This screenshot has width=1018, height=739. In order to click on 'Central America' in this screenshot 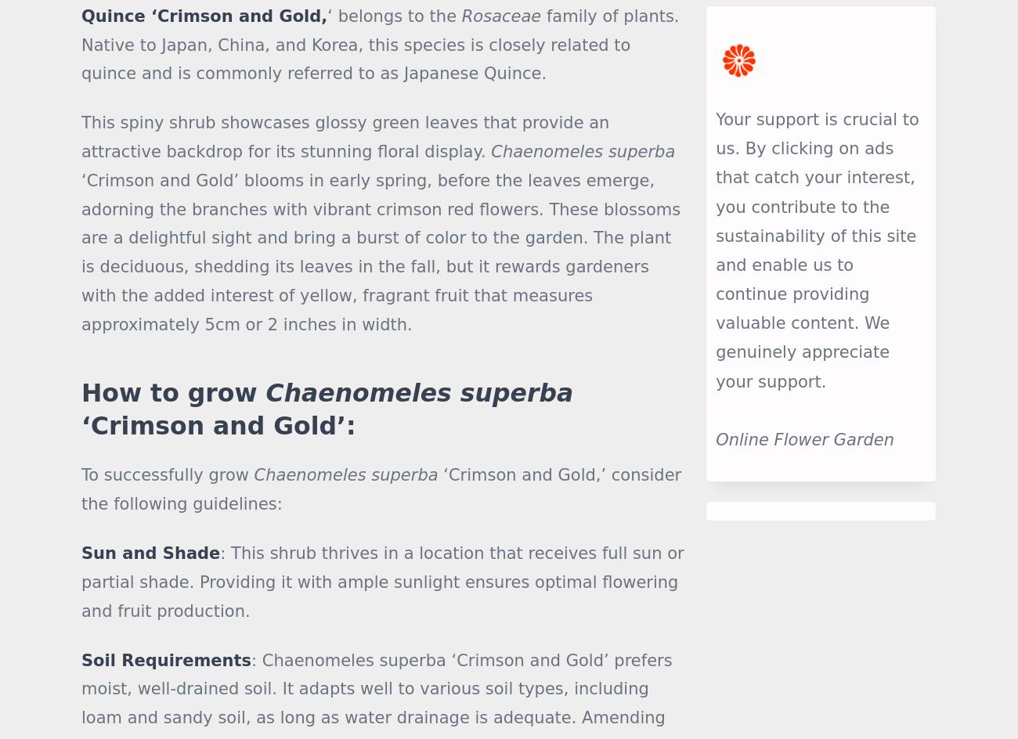, I will do `click(819, 433)`.